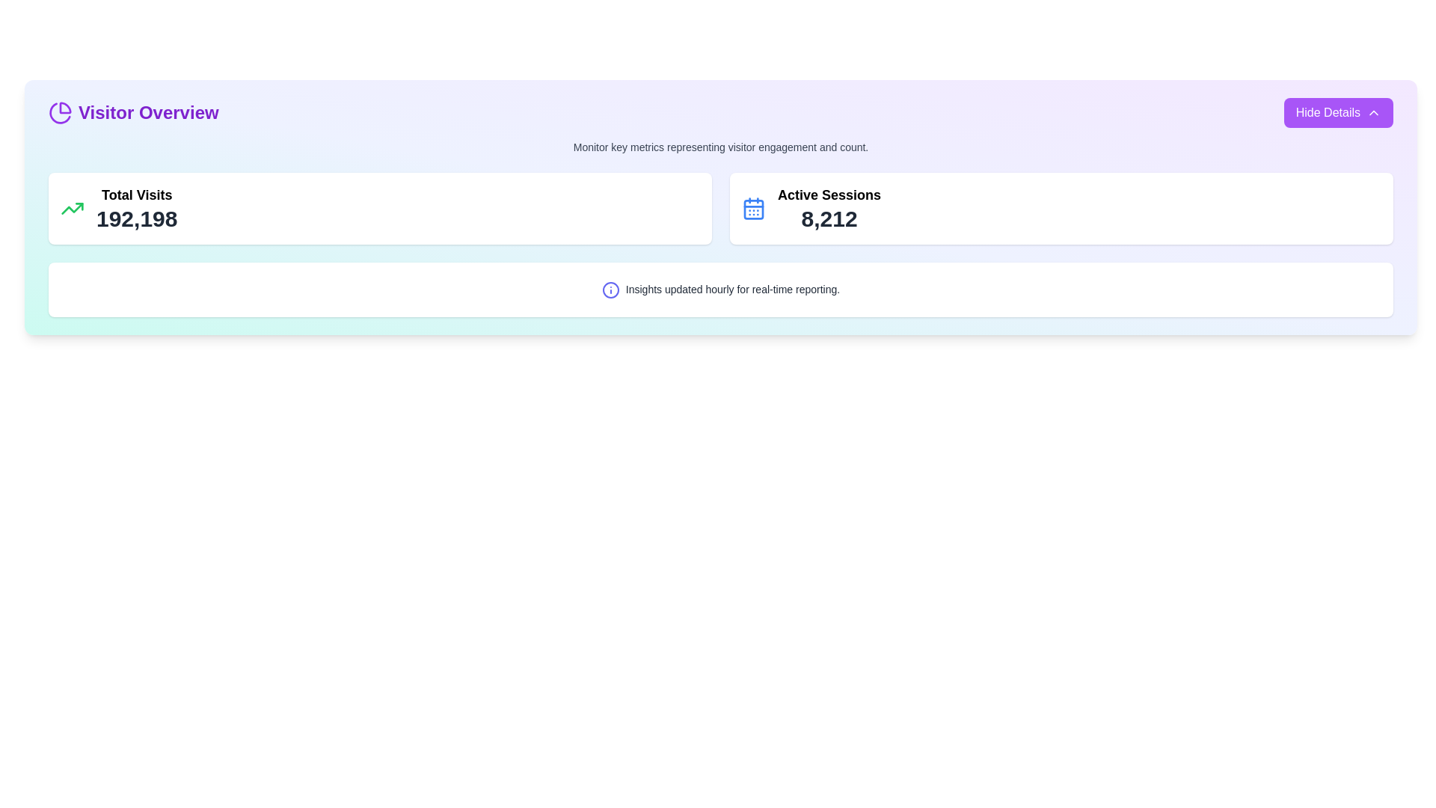 The width and height of the screenshot is (1436, 808). Describe the element at coordinates (754, 208) in the screenshot. I see `the calendar icon with a bluish tint located at the top-right section of the interface, next to 'Active Sessions' and above '8,212'` at that location.